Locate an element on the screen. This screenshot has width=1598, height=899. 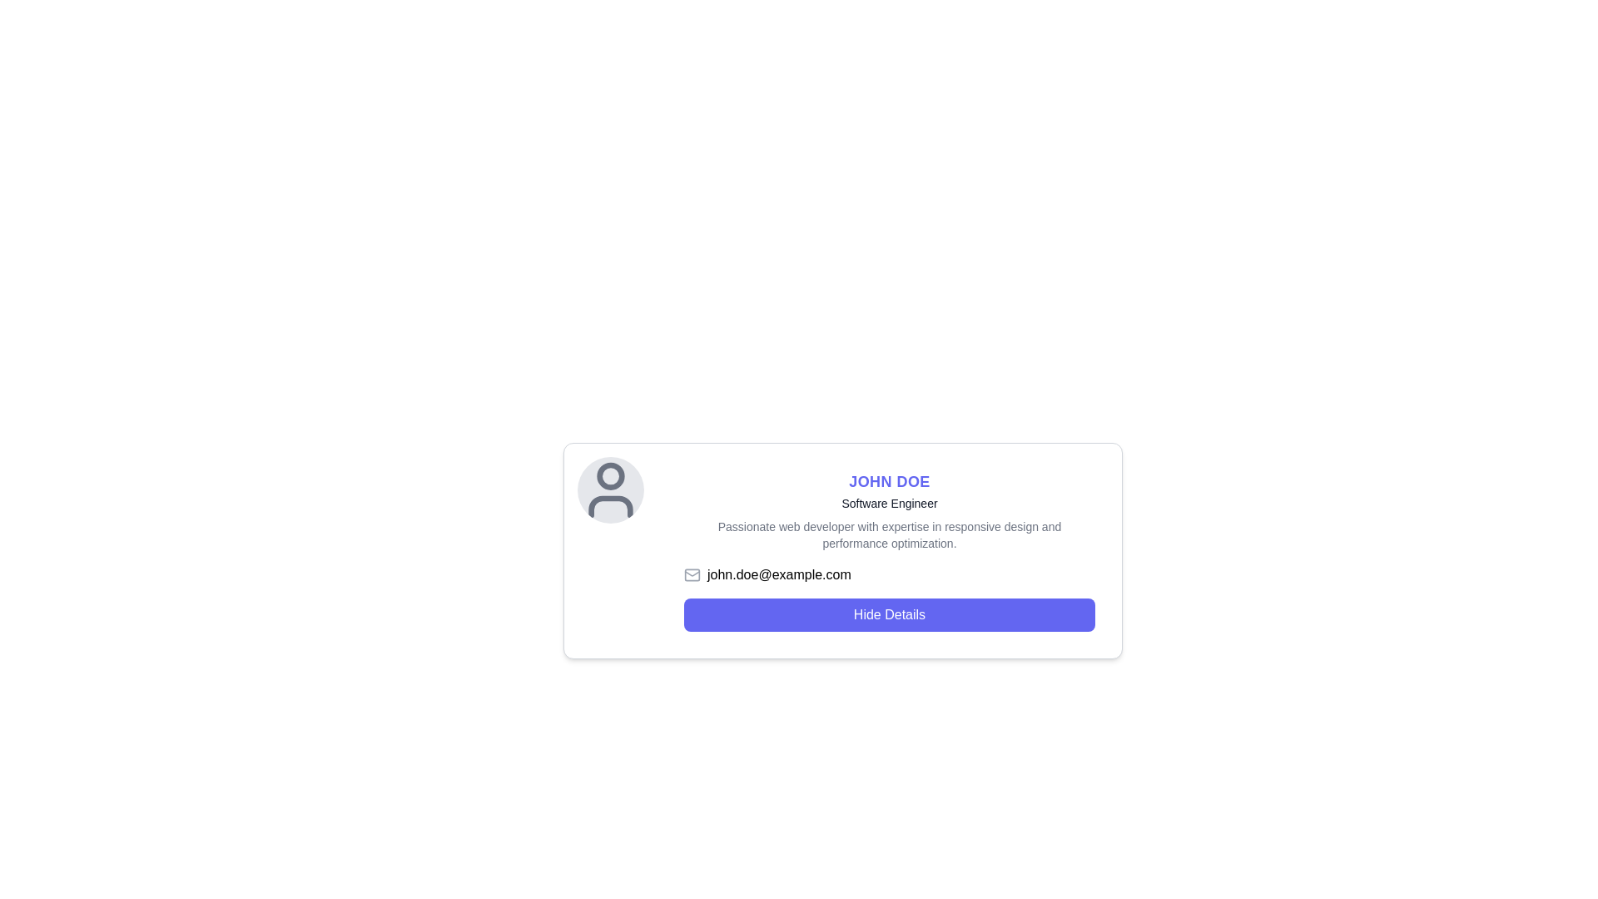
the button located below the text 'john.doe@example.com' in the profile card is located at coordinates (889, 613).